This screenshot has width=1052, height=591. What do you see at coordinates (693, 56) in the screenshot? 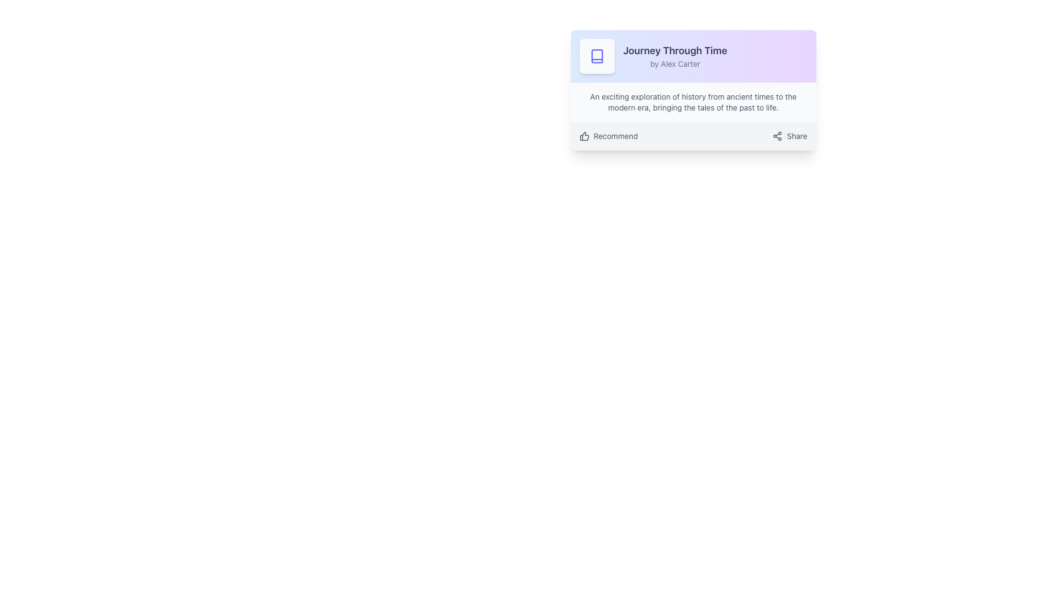
I see `the center of the informational display panel that shows the title and author of a book for interactions` at bounding box center [693, 56].